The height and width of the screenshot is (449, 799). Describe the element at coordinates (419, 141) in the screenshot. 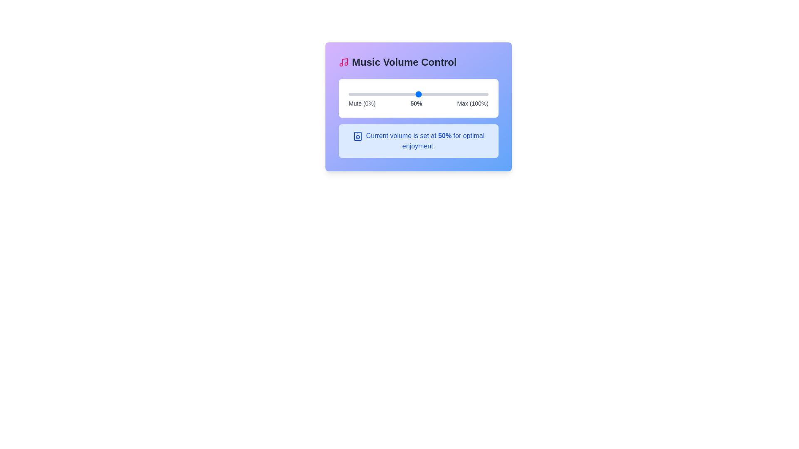

I see `the information box located below the volume slider` at that location.